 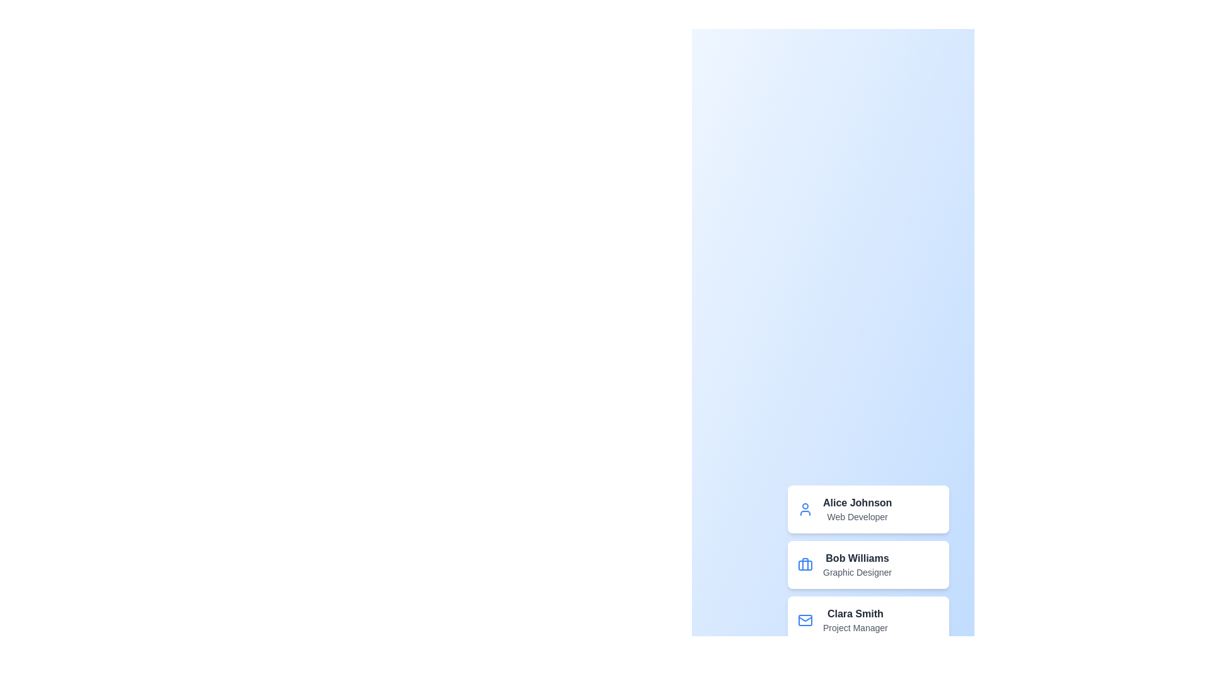 I want to click on the floating action button to toggle the menu visibility, so click(x=930, y=665).